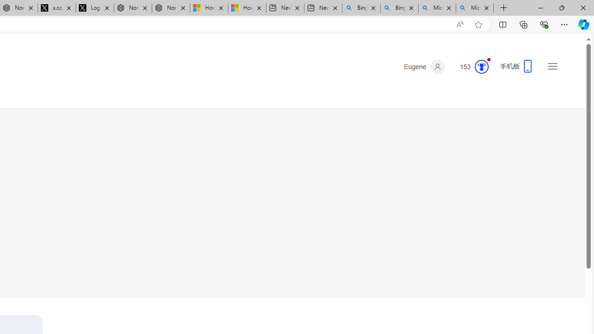 The height and width of the screenshot is (334, 594). Describe the element at coordinates (56, 8) in the screenshot. I see `'x.com/NordaceOfficial'` at that location.